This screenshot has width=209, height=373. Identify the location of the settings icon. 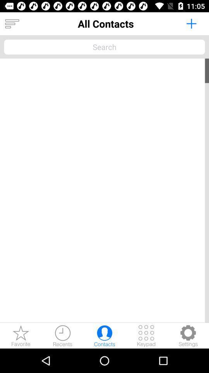
(188, 335).